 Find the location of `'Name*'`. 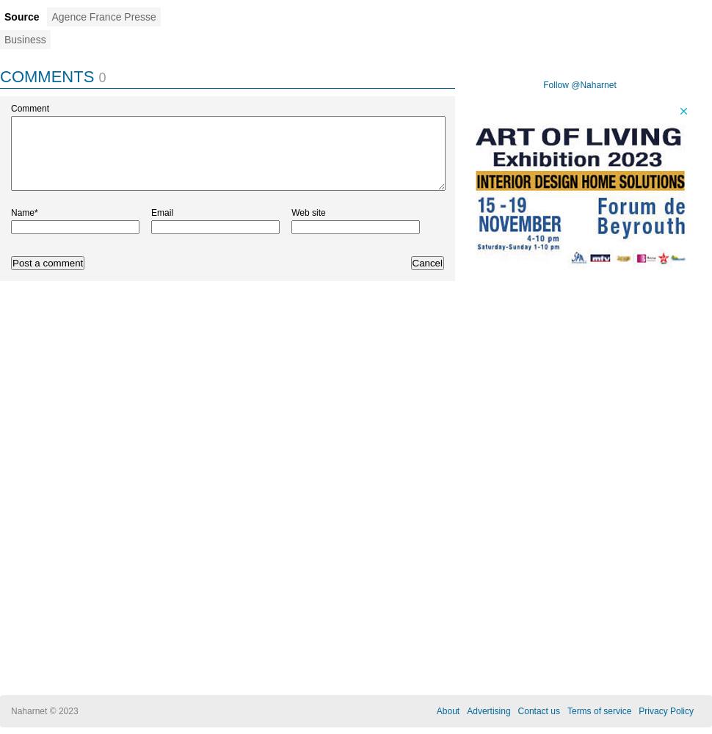

'Name*' is located at coordinates (23, 213).